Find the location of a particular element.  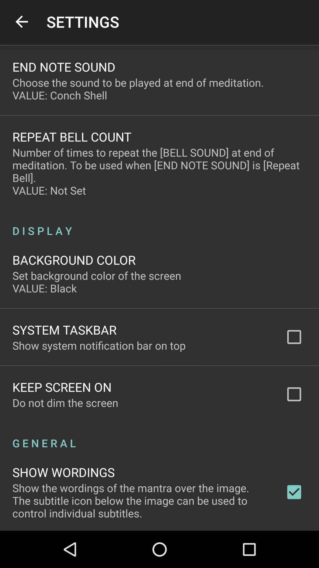

icon next to settings icon is located at coordinates (21, 22).